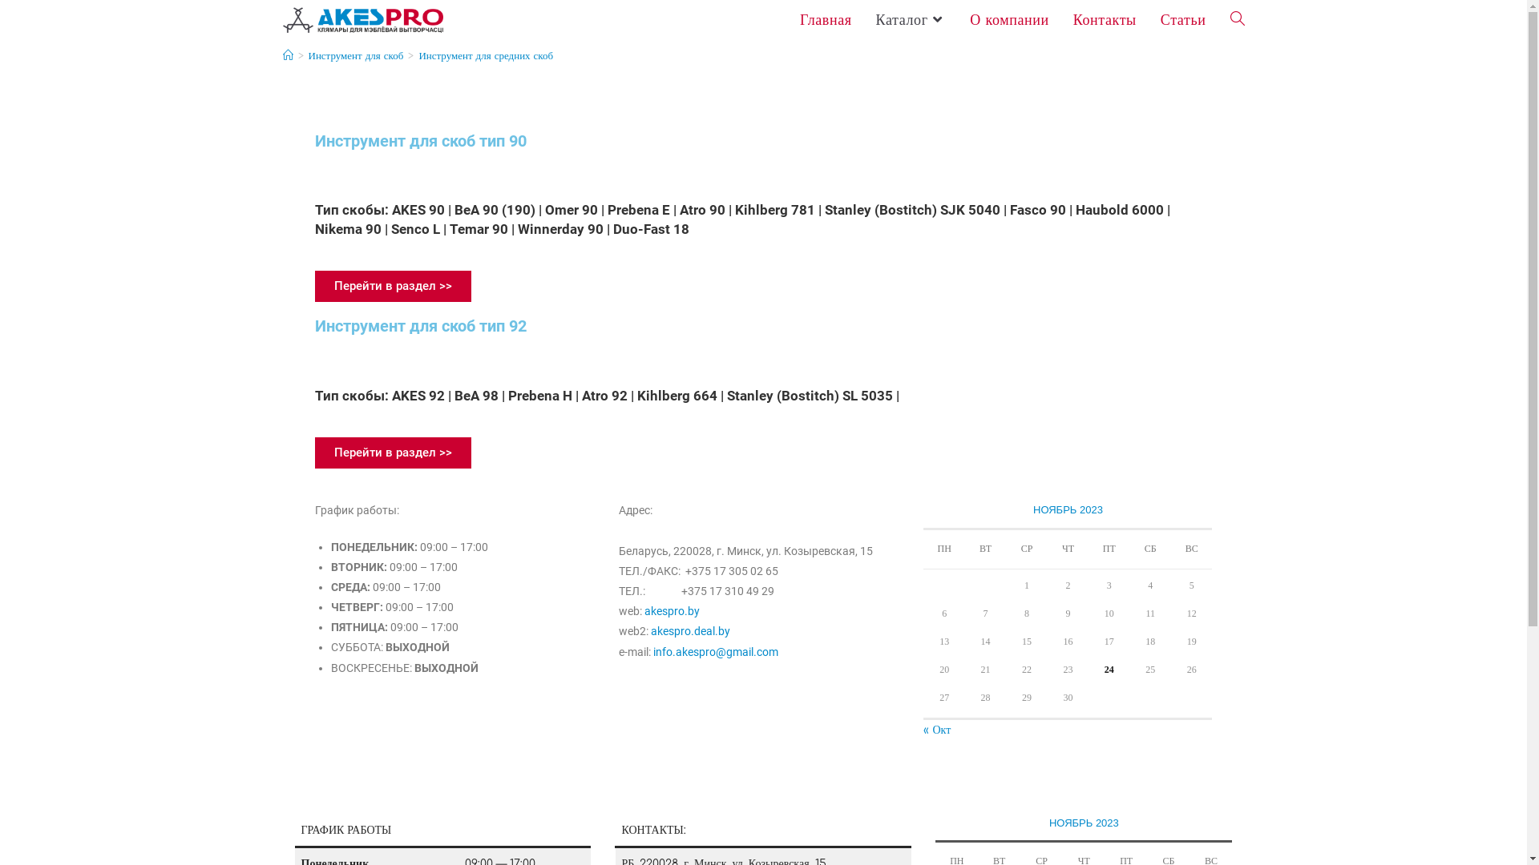 The height and width of the screenshot is (865, 1539). What do you see at coordinates (672, 611) in the screenshot?
I see `'akespro.by'` at bounding box center [672, 611].